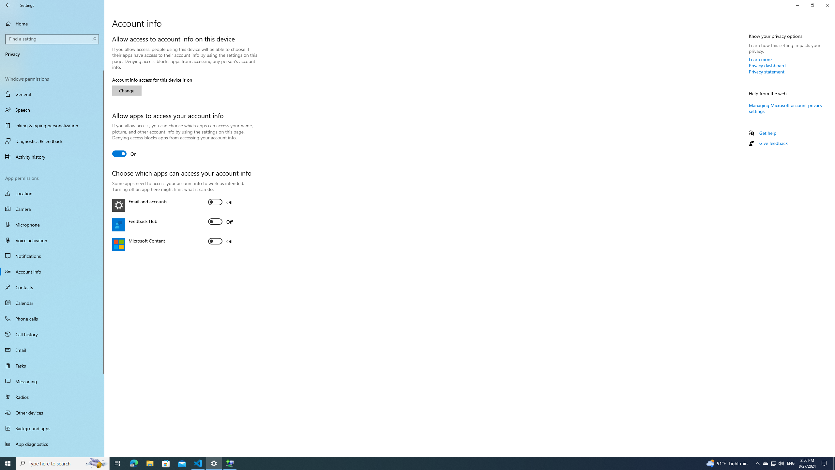  What do you see at coordinates (797, 5) in the screenshot?
I see `'Minimize Settings'` at bounding box center [797, 5].